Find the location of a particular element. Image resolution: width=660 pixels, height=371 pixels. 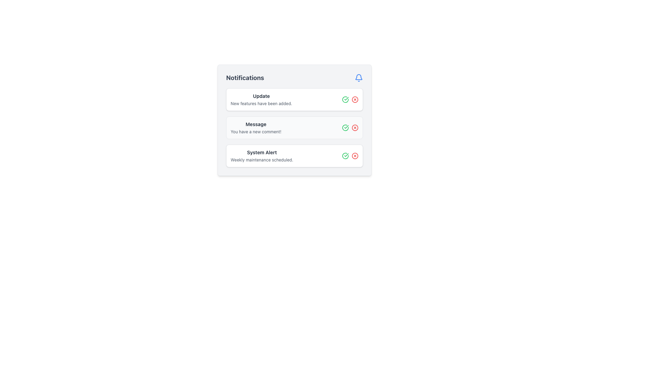

the circular confirmation icon with a green border and a checkmark in the center, located in the top notification card of the 'Notifications' section is located at coordinates (345, 99).